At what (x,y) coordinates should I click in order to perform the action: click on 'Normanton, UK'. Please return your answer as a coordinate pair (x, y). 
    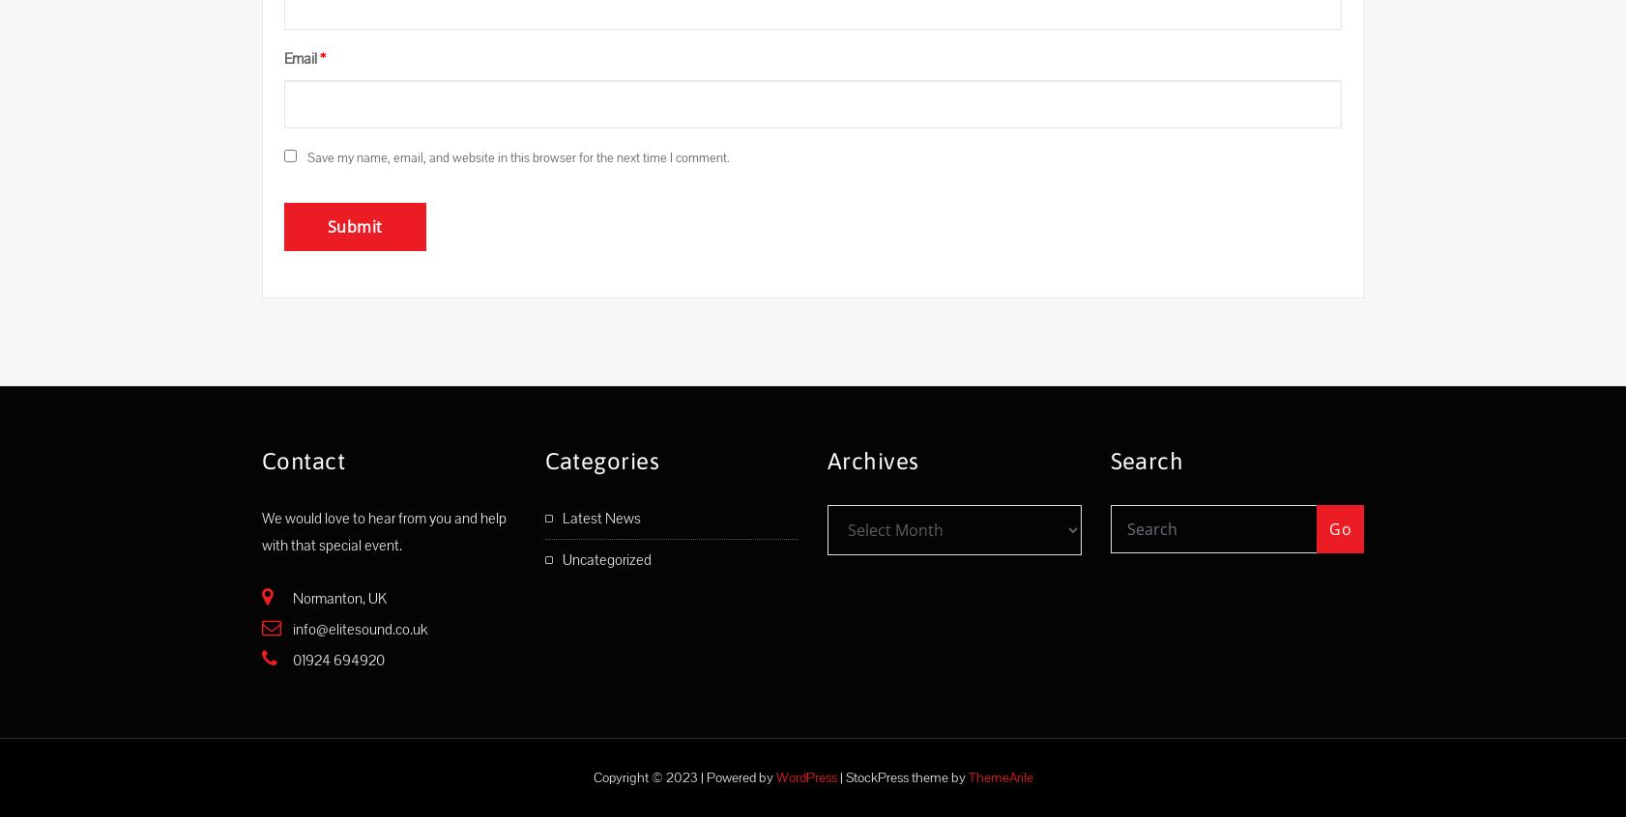
    Looking at the image, I should click on (291, 597).